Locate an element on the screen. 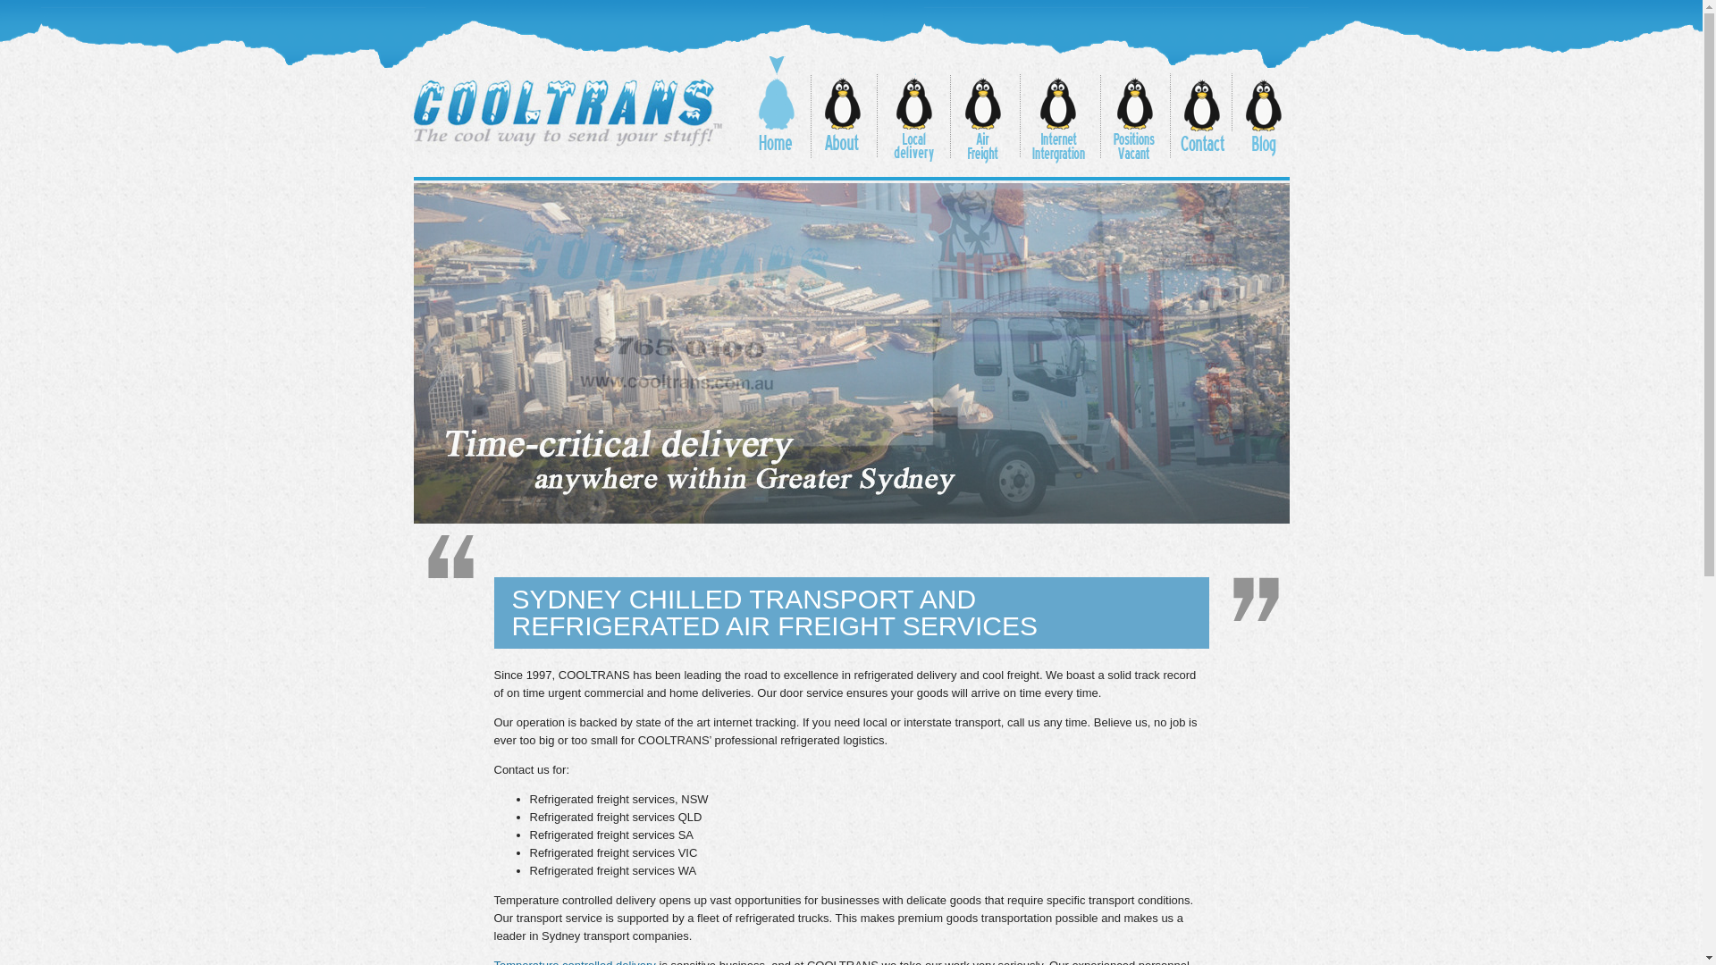 The height and width of the screenshot is (965, 1716). 'Local Delivery' is located at coordinates (913, 110).